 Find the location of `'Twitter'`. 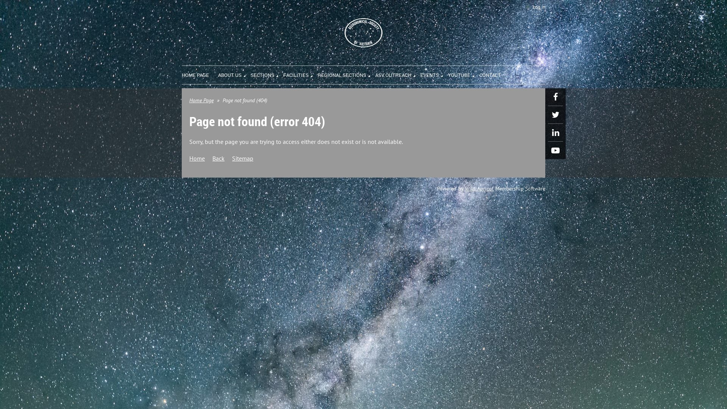

'Twitter' is located at coordinates (555, 115).